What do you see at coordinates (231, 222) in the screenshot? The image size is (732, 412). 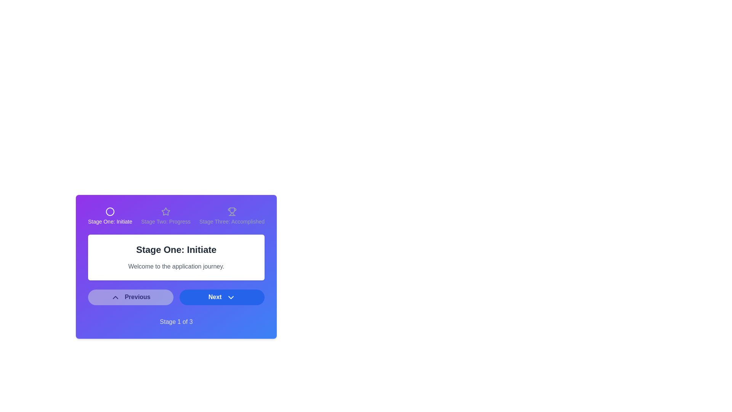 I see `the text label displaying 'Stage Three: Accomplished' on a purple background, which is part of a multi-step progress indicator` at bounding box center [231, 222].